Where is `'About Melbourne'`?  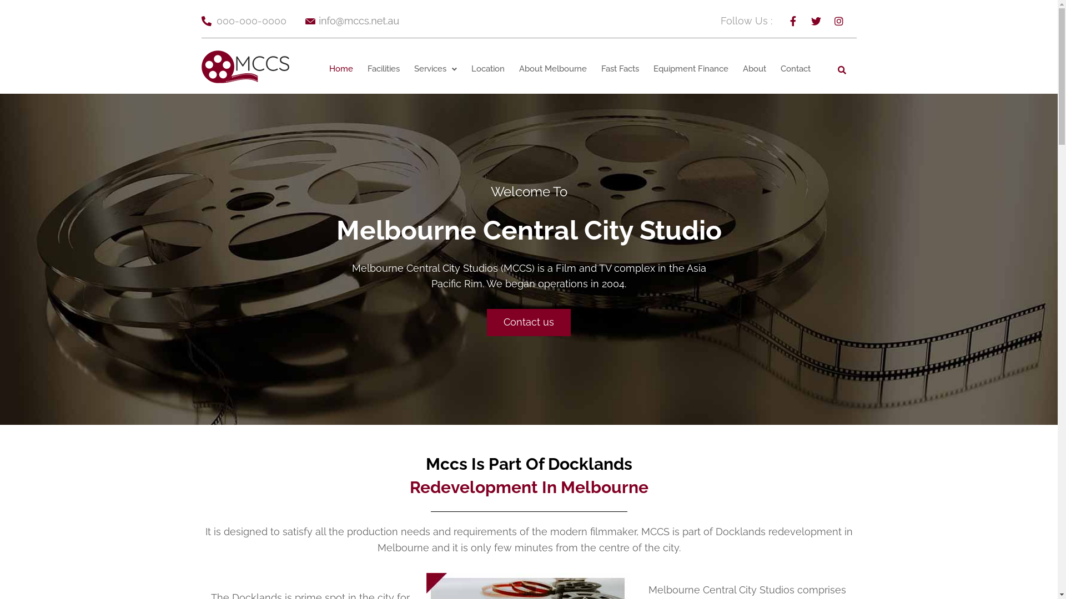
'About Melbourne' is located at coordinates (553, 69).